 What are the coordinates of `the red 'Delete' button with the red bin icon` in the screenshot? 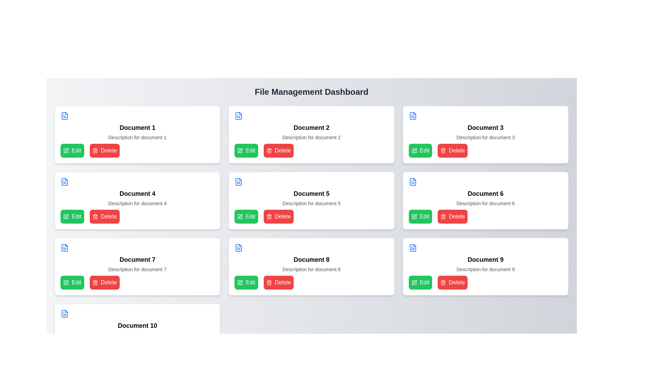 It's located at (443, 282).